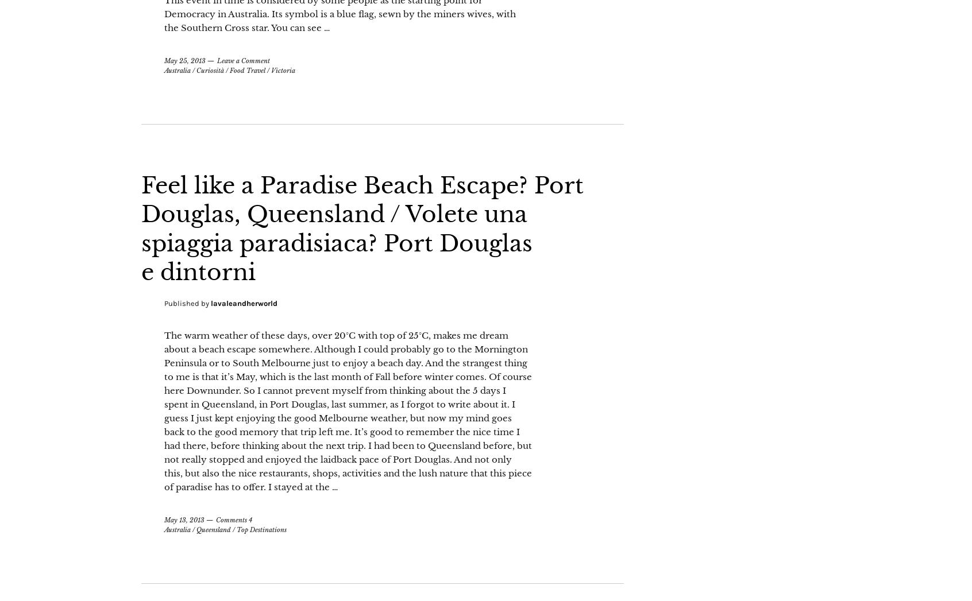  I want to click on 'Feel like a Paradise Beach Escape? Port Douglas, Queensland / Volete una spiaggia paradisiaca? Port Douglas e dintorni', so click(378, 257).